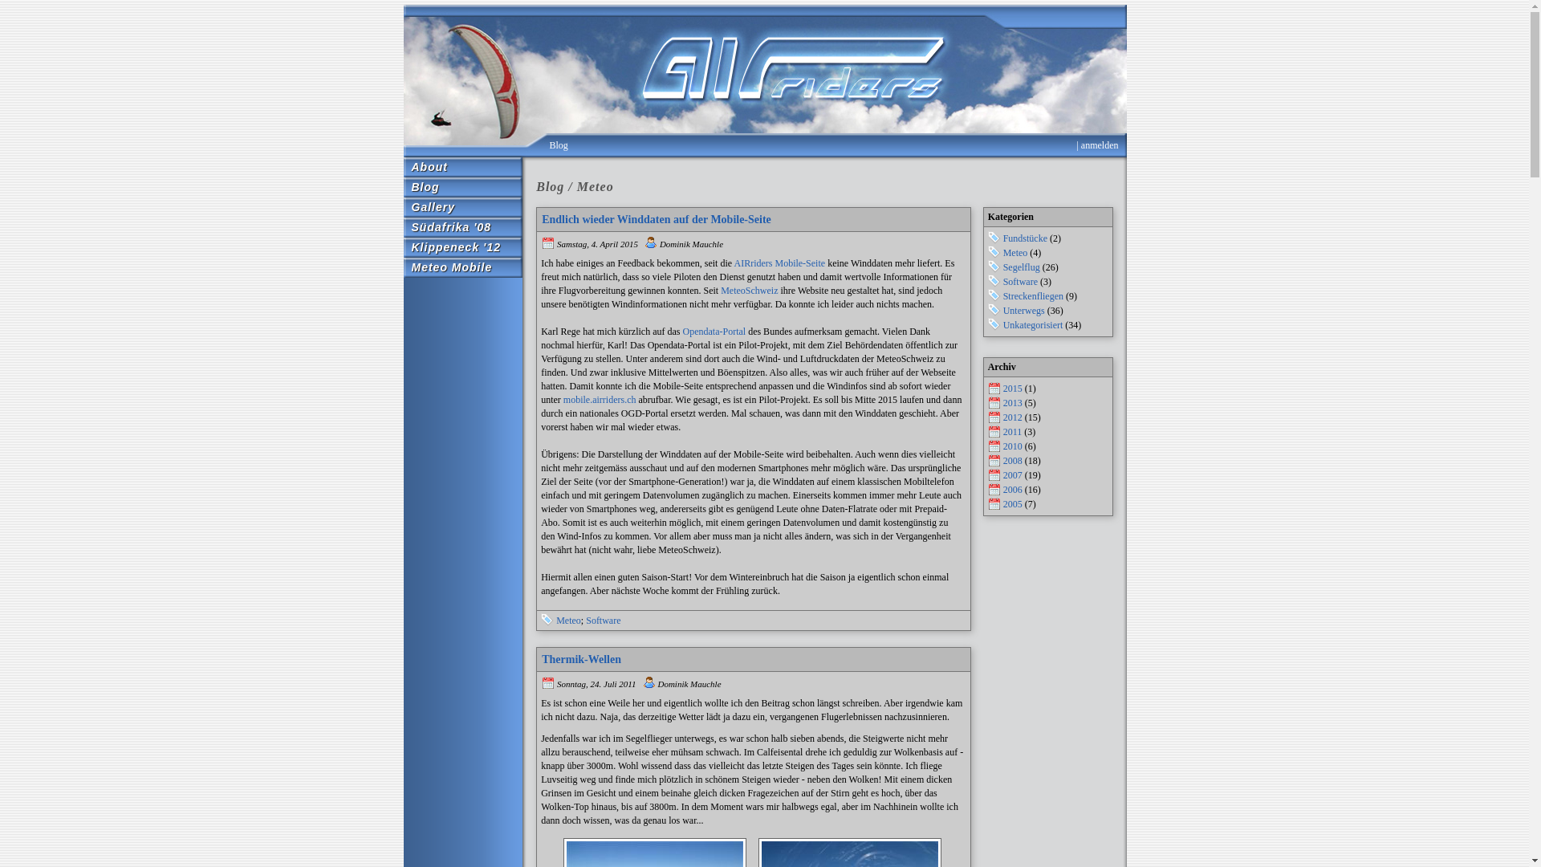 This screenshot has width=1541, height=867. Describe the element at coordinates (461, 265) in the screenshot. I see `'Meteo Mobile'` at that location.